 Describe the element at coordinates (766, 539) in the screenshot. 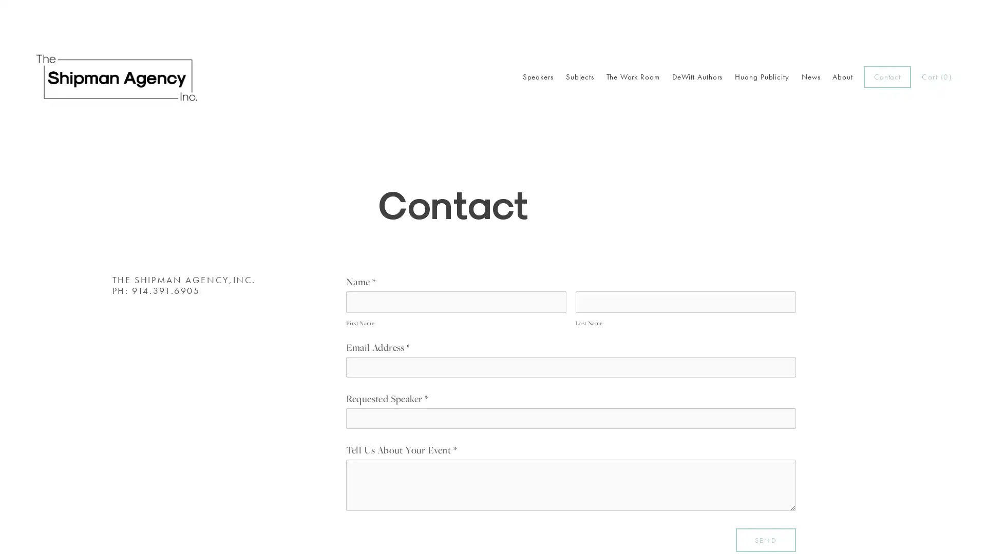

I see `SEND` at that location.